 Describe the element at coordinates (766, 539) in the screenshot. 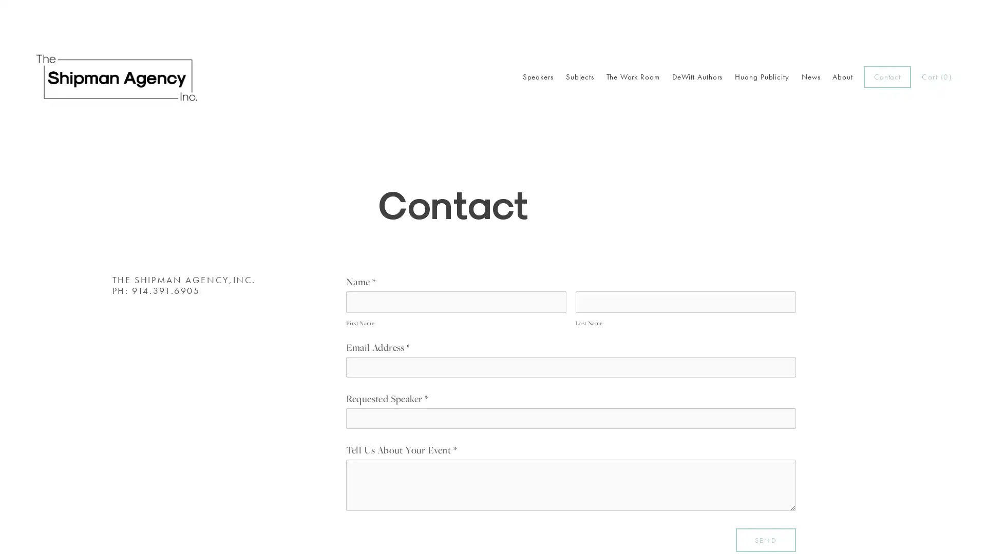

I see `SEND` at that location.